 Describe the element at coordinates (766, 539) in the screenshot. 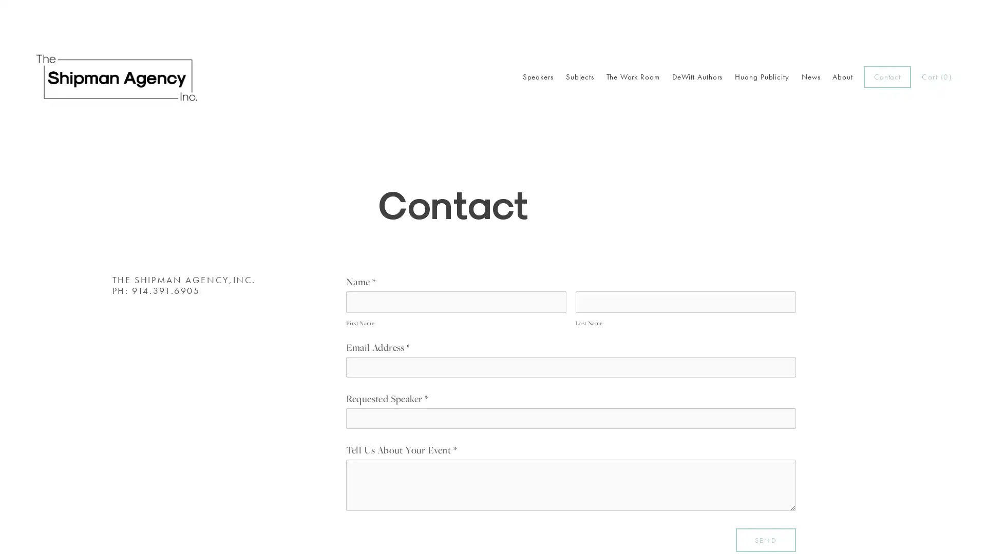

I see `SEND` at that location.